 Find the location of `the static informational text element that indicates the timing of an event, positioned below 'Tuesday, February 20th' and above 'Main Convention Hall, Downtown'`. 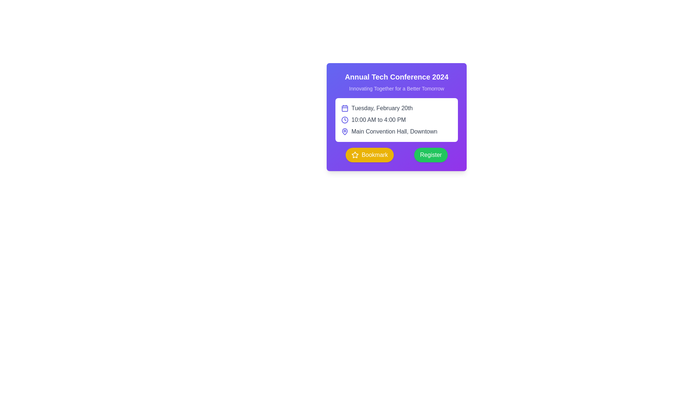

the static informational text element that indicates the timing of an event, positioned below 'Tuesday, February 20th' and above 'Main Convention Hall, Downtown' is located at coordinates (396, 119).